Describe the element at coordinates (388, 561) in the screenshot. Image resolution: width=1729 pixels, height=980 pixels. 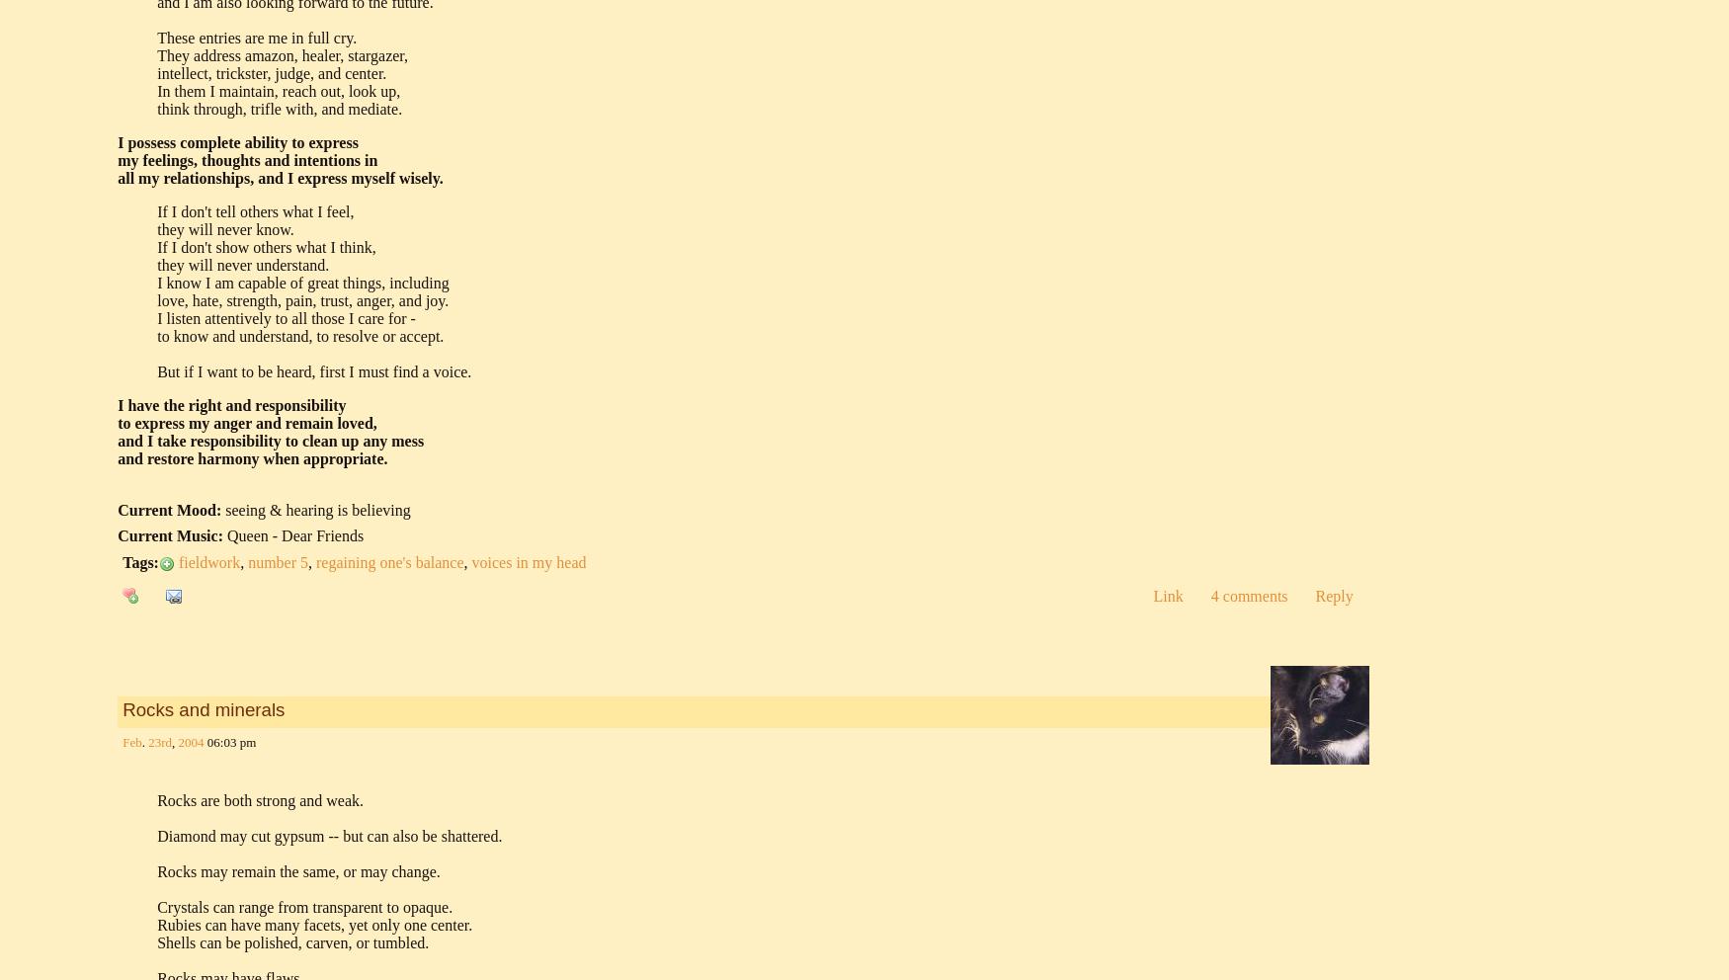
I see `'regaining one's balance'` at that location.